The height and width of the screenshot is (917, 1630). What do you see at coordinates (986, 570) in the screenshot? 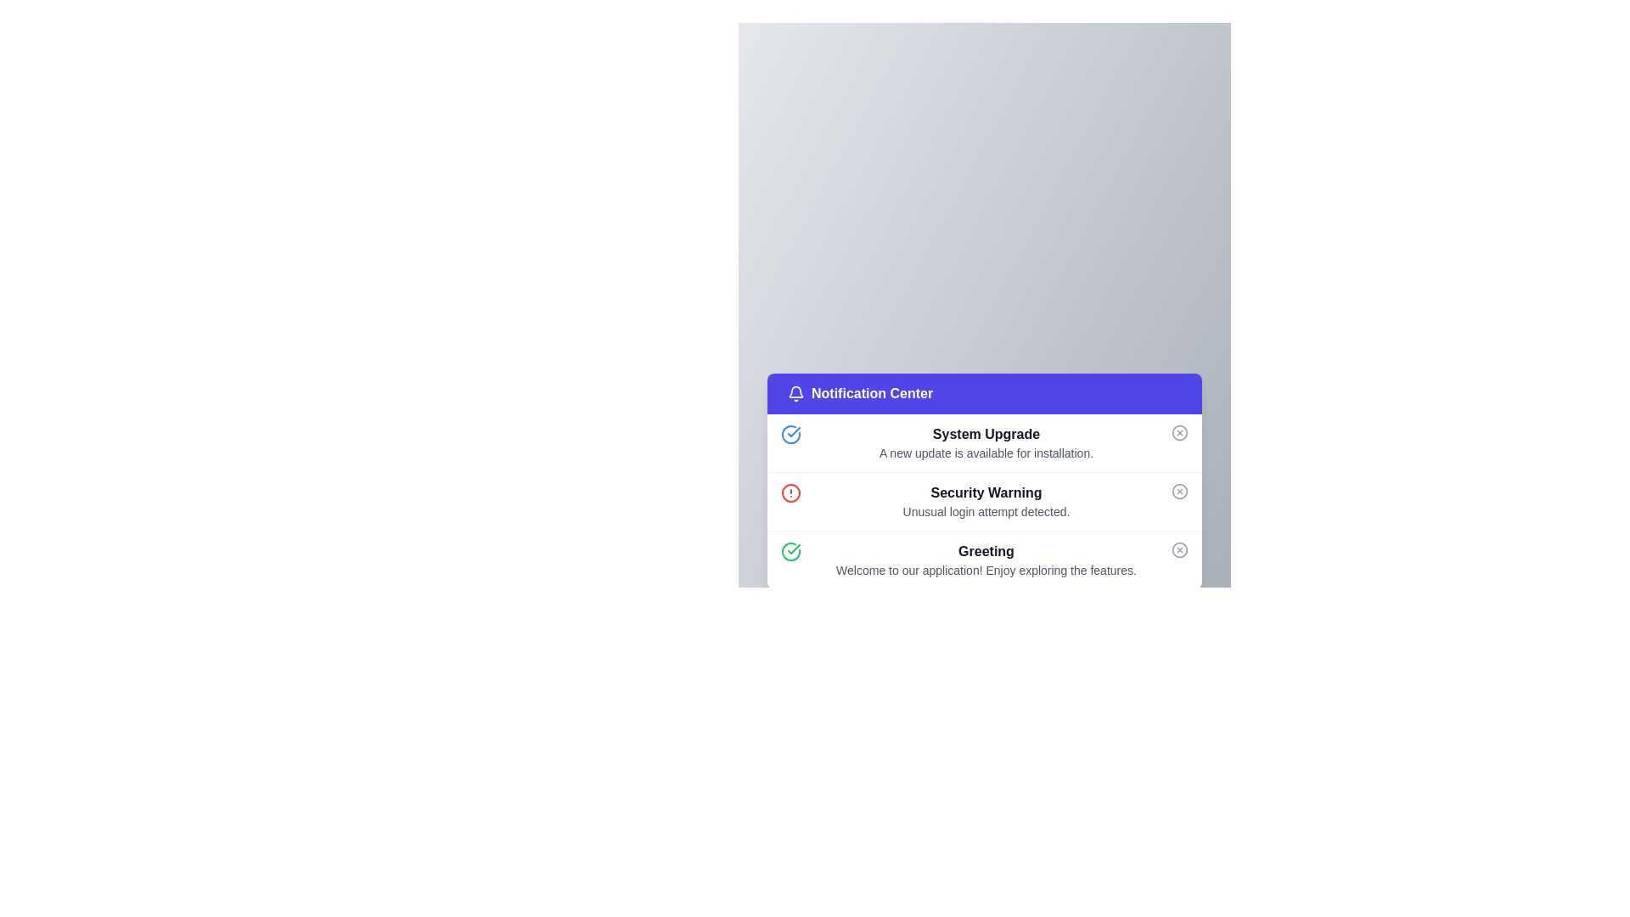
I see `the static text element that displays 'Welcome to our application! Enjoy exploring the features.'` at bounding box center [986, 570].